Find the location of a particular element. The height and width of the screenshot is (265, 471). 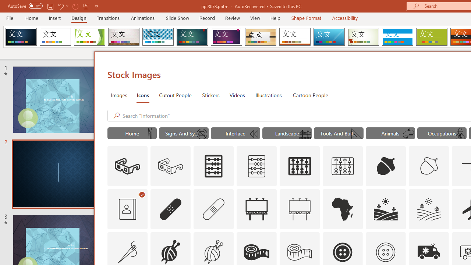

'AutomationID: Icons_AddressBook_RTL_M' is located at coordinates (127, 209).